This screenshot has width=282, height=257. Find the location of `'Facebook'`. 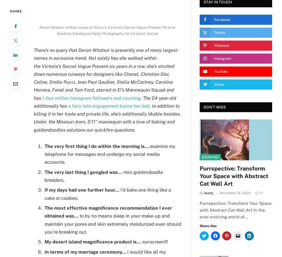

'Facebook' is located at coordinates (222, 19).